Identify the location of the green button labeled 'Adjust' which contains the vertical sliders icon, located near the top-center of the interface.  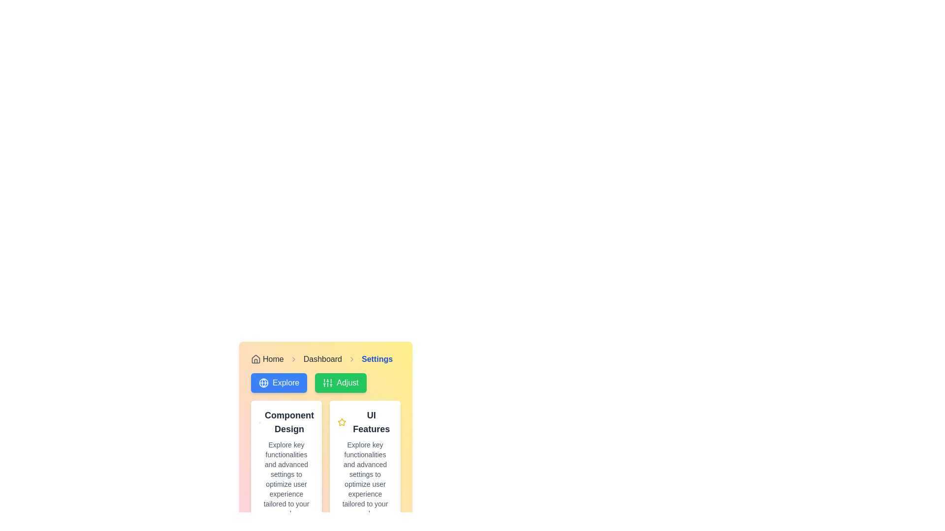
(328, 383).